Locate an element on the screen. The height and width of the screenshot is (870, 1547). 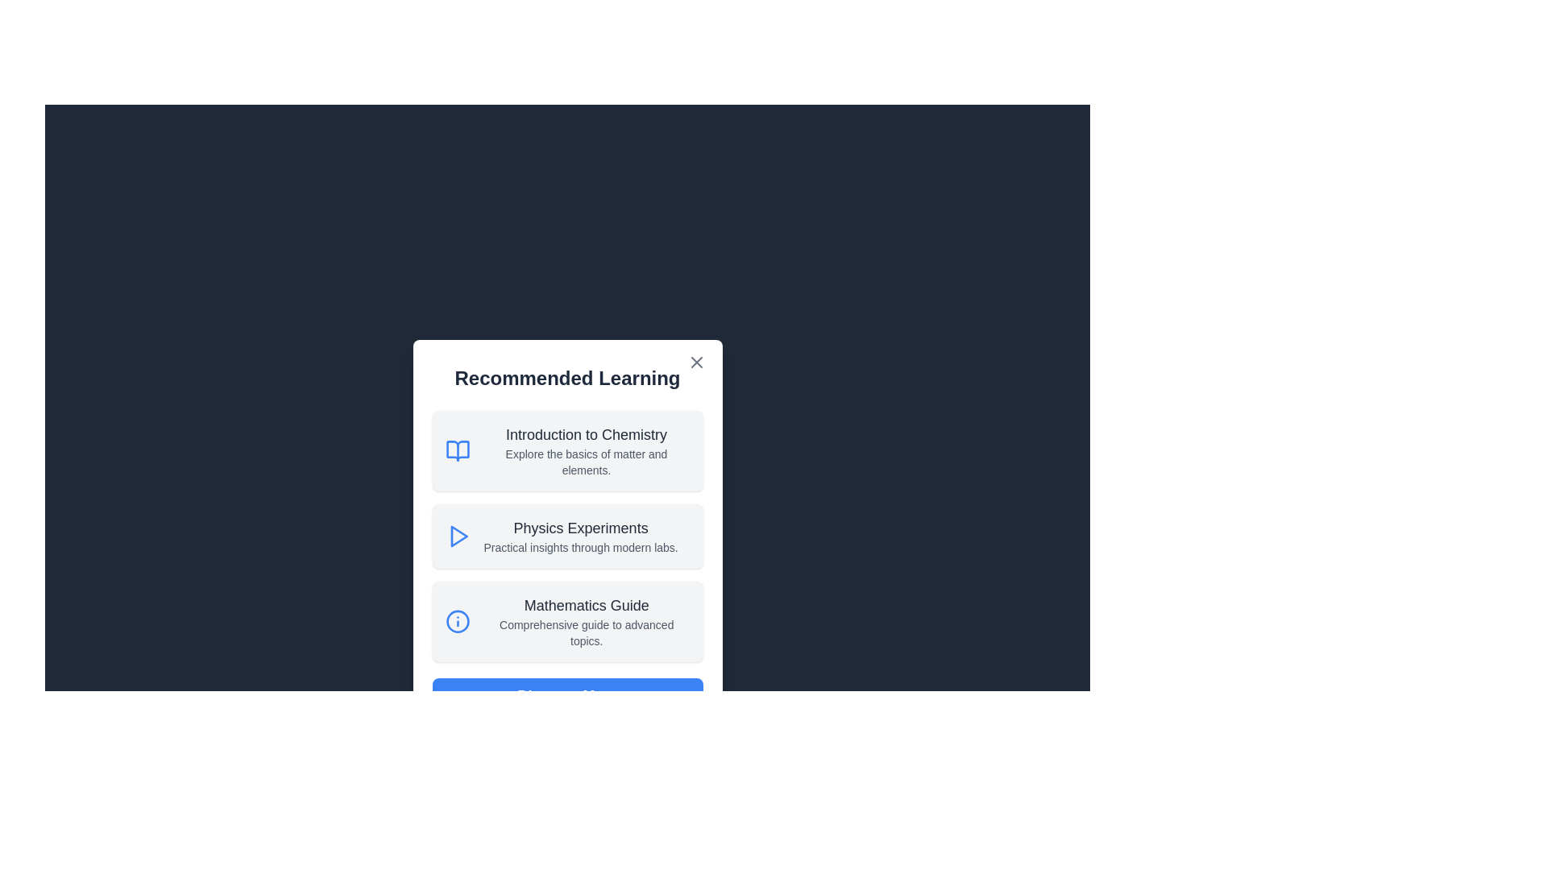
the blue play button, styled as a triangle pointing is located at coordinates (457, 536).